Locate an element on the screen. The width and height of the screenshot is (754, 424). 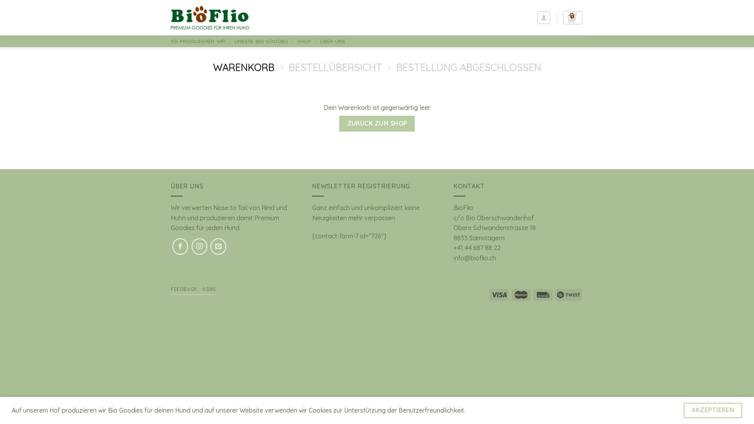
'WARENKORB' is located at coordinates (243, 67).